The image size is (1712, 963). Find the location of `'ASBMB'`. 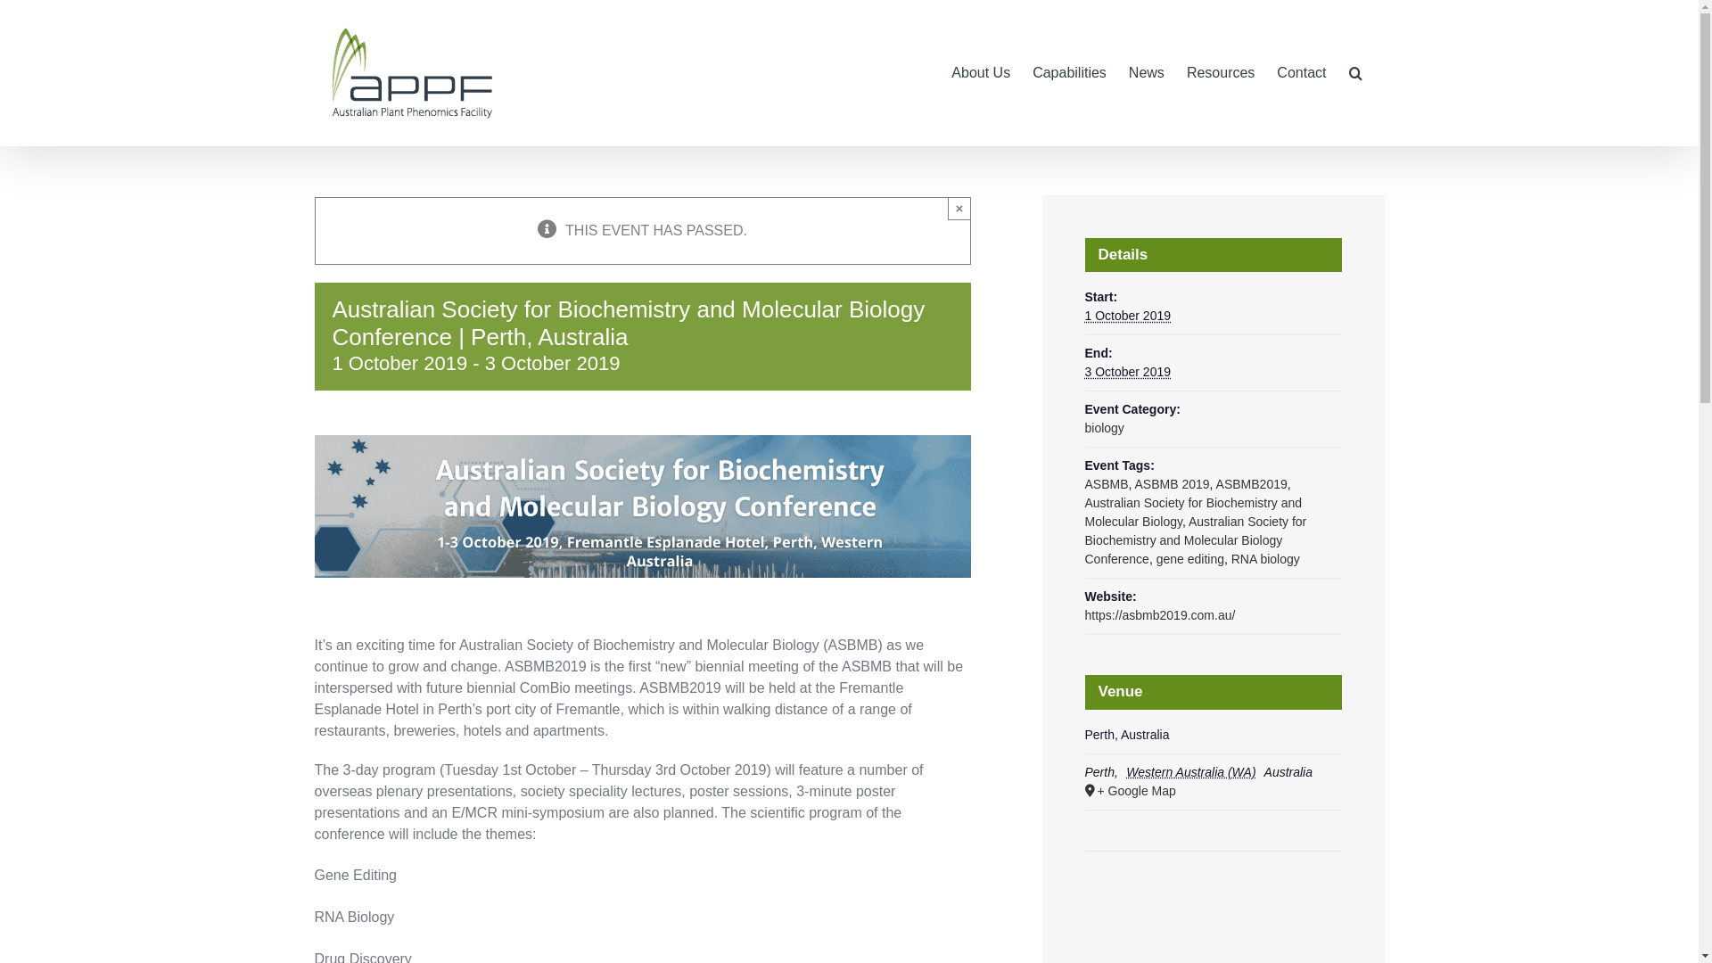

'ASBMB' is located at coordinates (1105, 484).